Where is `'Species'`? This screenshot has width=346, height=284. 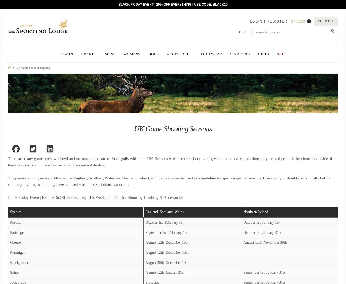
'Species' is located at coordinates (16, 212).